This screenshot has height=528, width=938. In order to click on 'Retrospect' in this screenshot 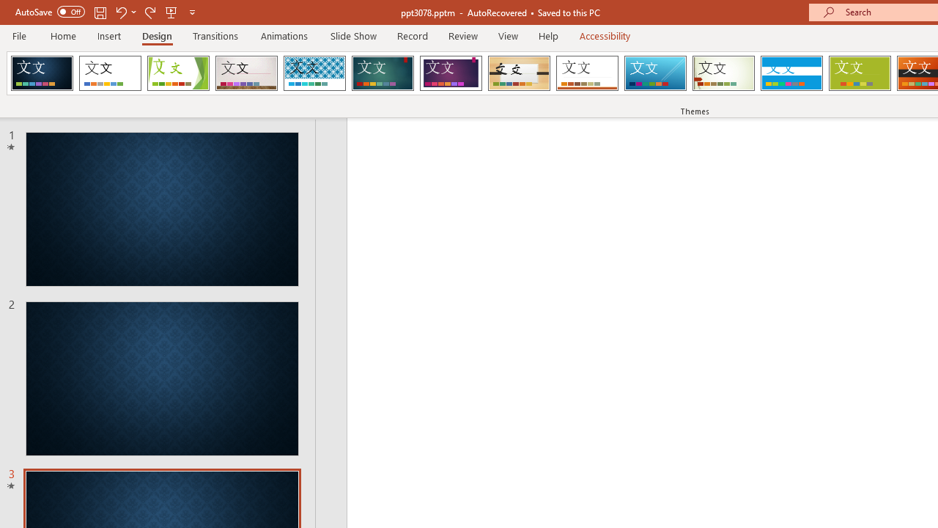, I will do `click(587, 73)`.